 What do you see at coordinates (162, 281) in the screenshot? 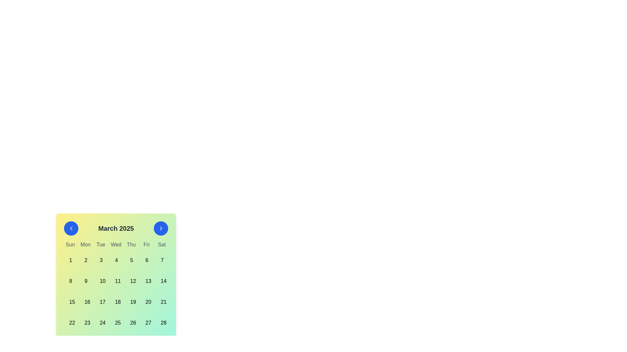
I see `the clickable calendar day cell displaying the number '14'` at bounding box center [162, 281].